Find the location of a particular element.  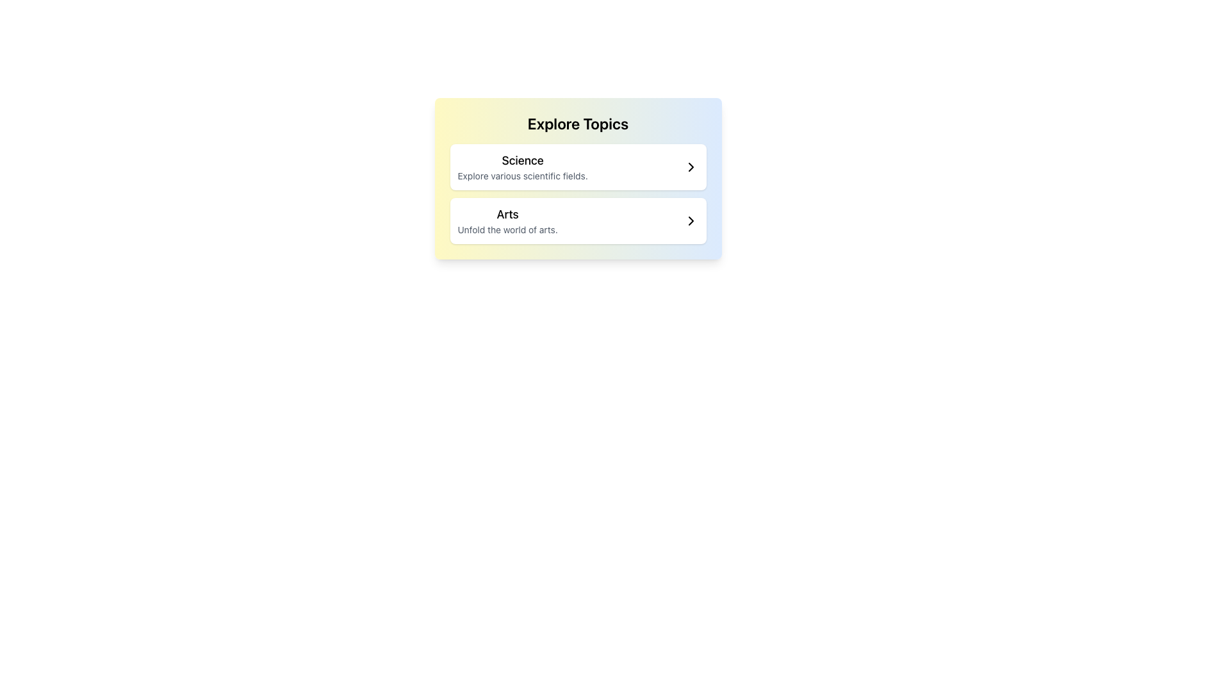

the text element that reads 'Explore various scientific fields.' which is styled in gray and located beneath the 'Science' heading in the 'Explore Topics' panel is located at coordinates (523, 176).